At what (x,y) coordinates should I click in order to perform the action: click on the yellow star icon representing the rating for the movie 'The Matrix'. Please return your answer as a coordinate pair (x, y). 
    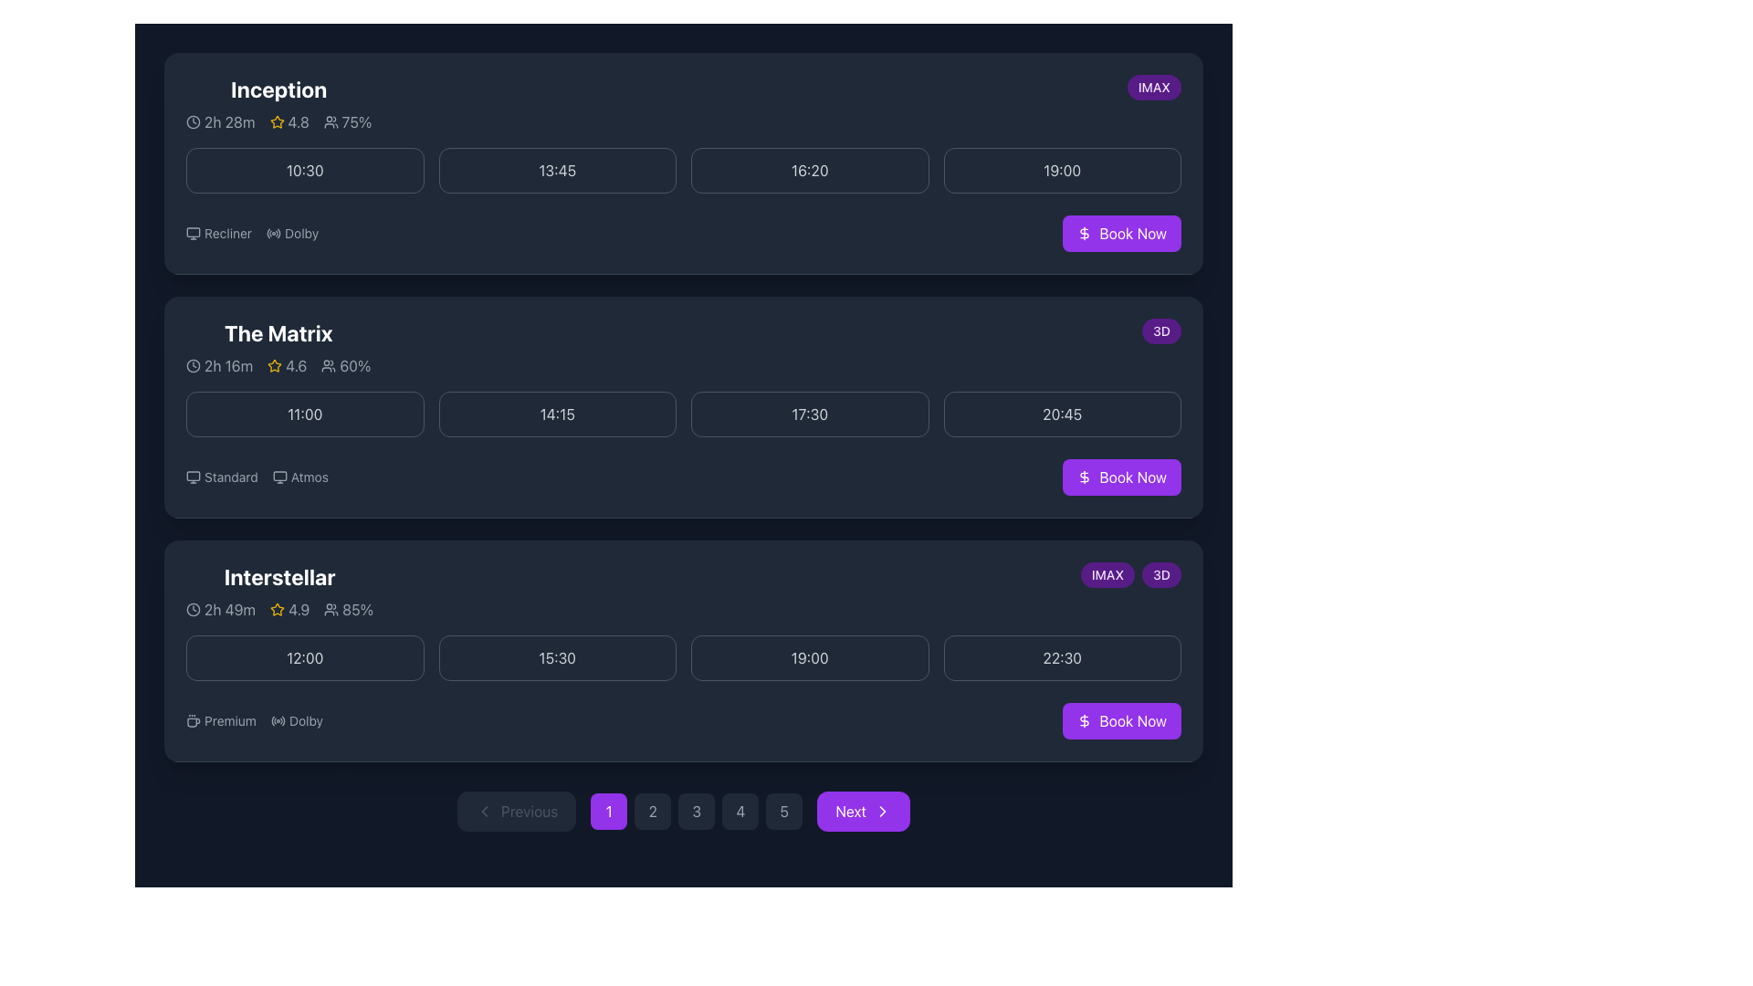
    Looking at the image, I should click on (274, 365).